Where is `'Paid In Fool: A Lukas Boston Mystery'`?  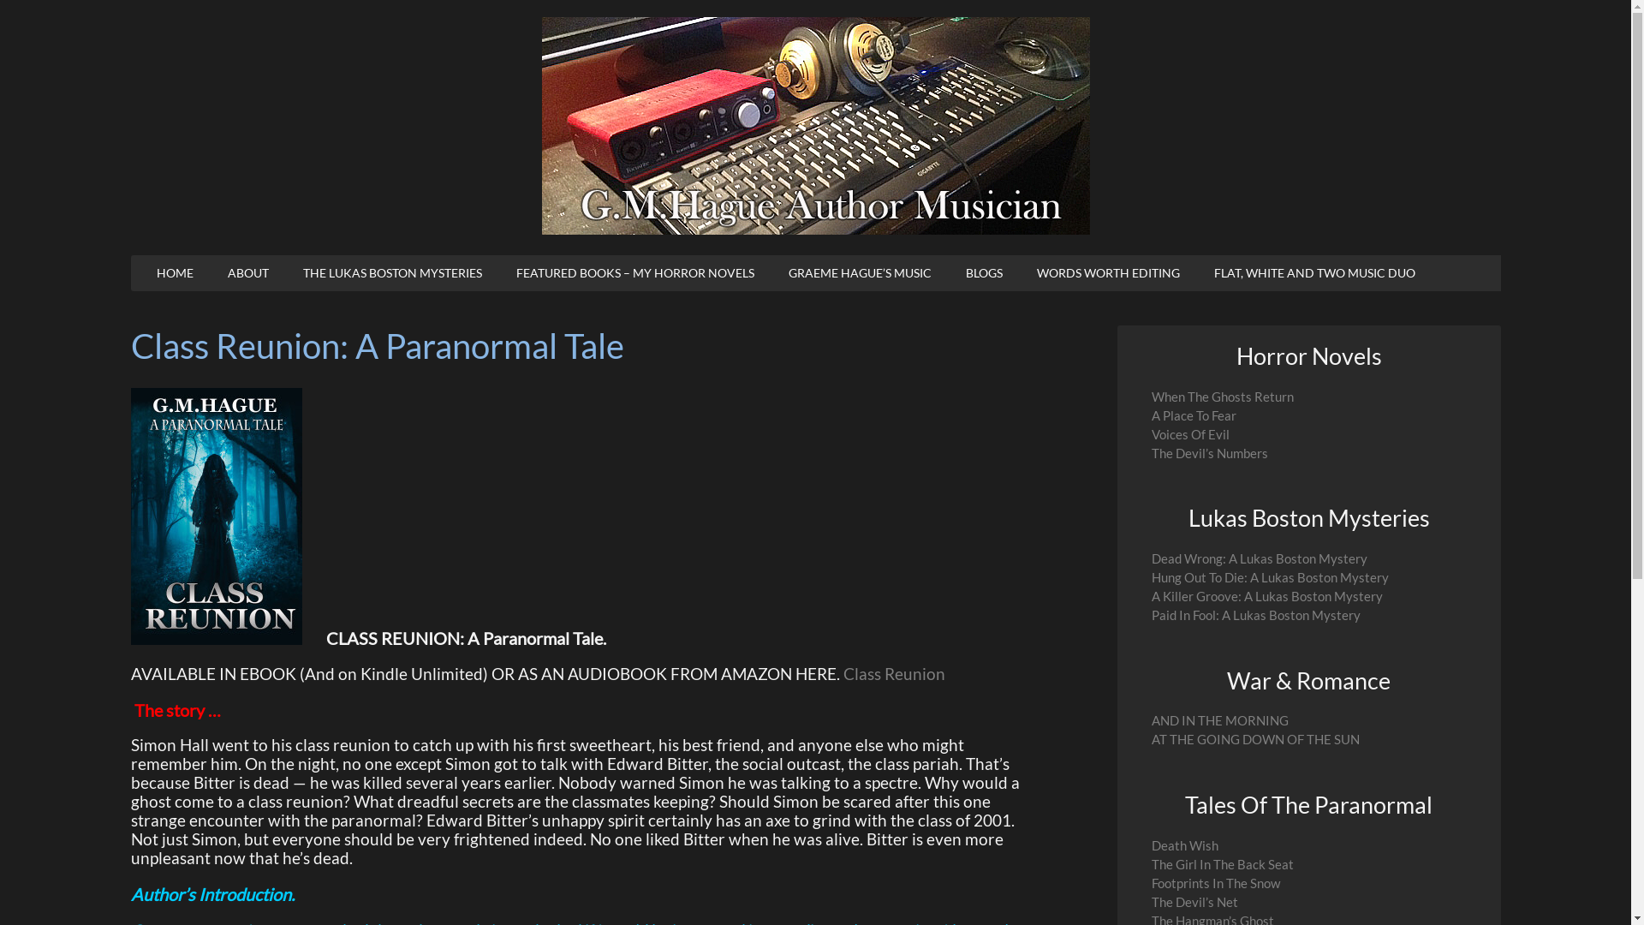 'Paid In Fool: A Lukas Boston Mystery' is located at coordinates (1254, 614).